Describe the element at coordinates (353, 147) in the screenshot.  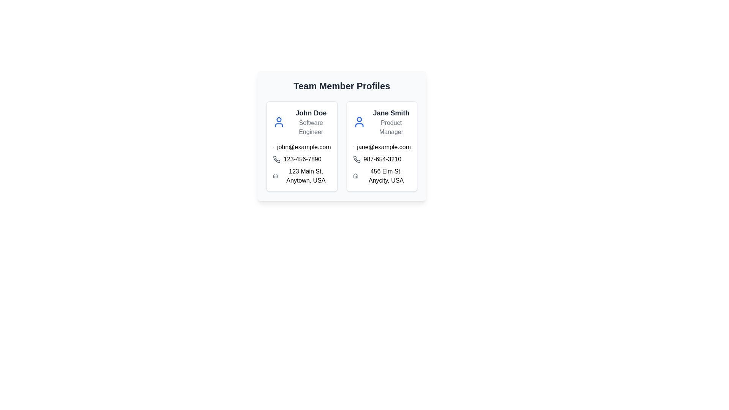
I see `the gray envelope icon located to the left of the text 'jane@example.com'` at that location.